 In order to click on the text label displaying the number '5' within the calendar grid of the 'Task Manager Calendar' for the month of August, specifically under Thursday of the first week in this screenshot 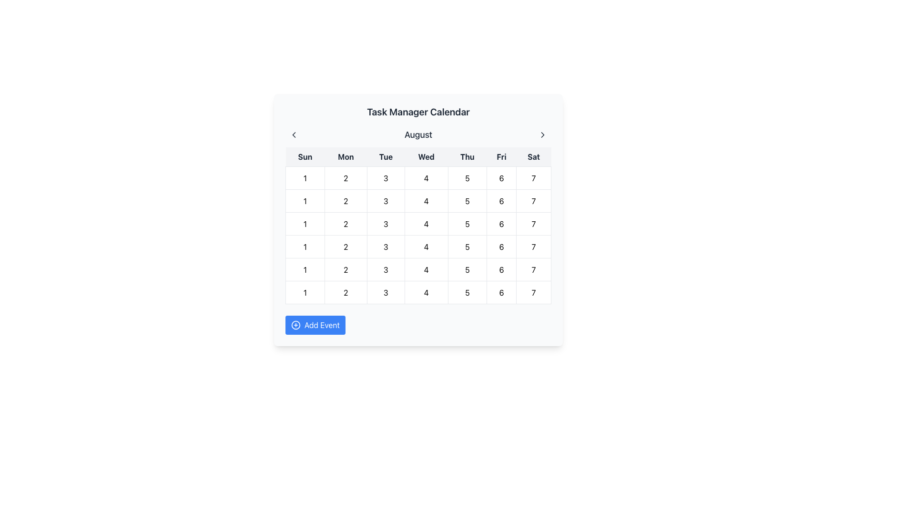, I will do `click(467, 292)`.